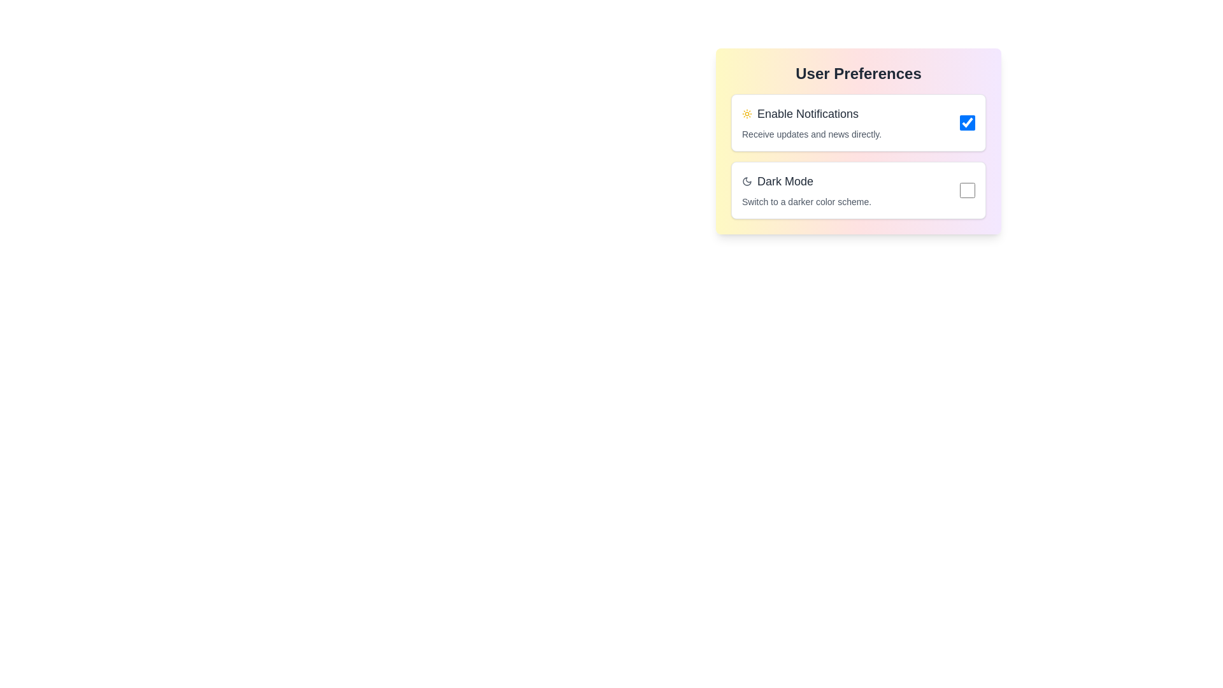 This screenshot has width=1223, height=688. Describe the element at coordinates (807, 113) in the screenshot. I see `the 'Enable Notifications' text label located in the 'User Preferences' section, which is positioned horizontally between an icon and a checkbox` at that location.